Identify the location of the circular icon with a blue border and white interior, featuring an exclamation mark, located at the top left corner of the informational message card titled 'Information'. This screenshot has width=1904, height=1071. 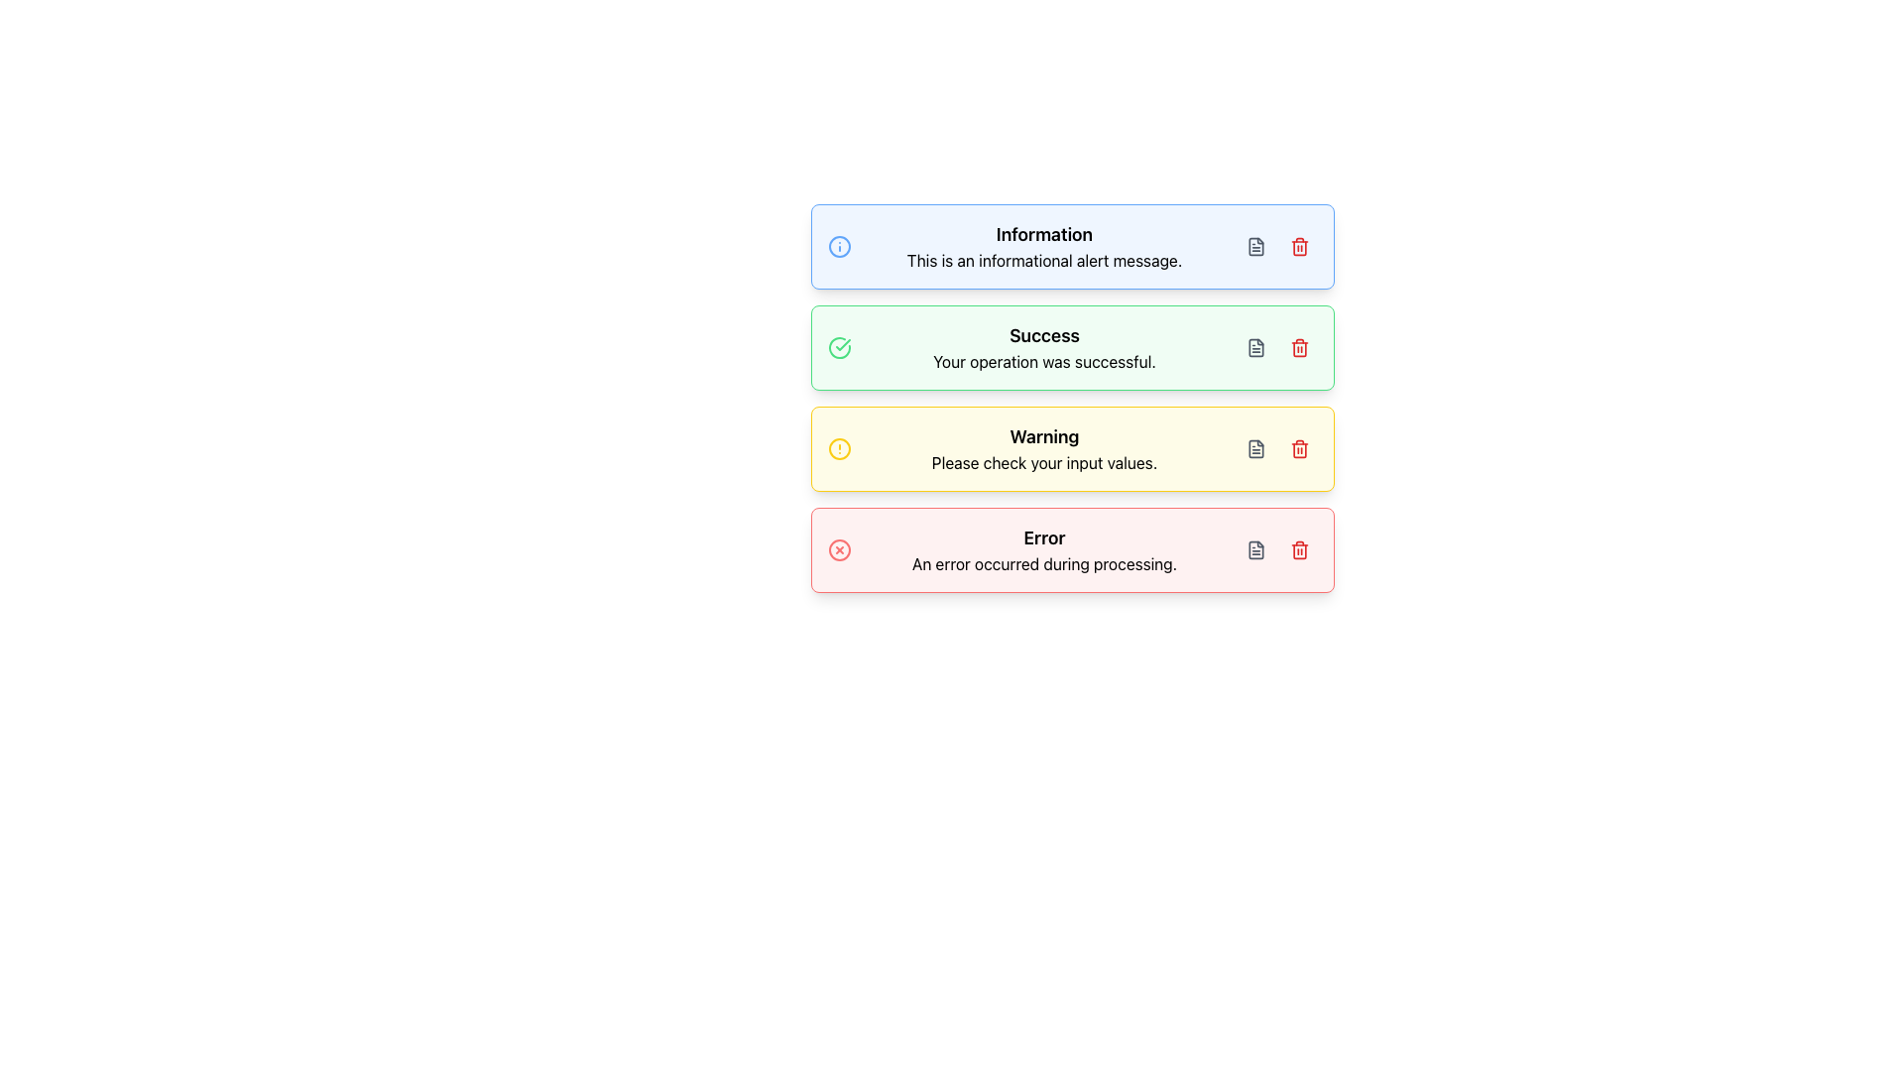
(839, 246).